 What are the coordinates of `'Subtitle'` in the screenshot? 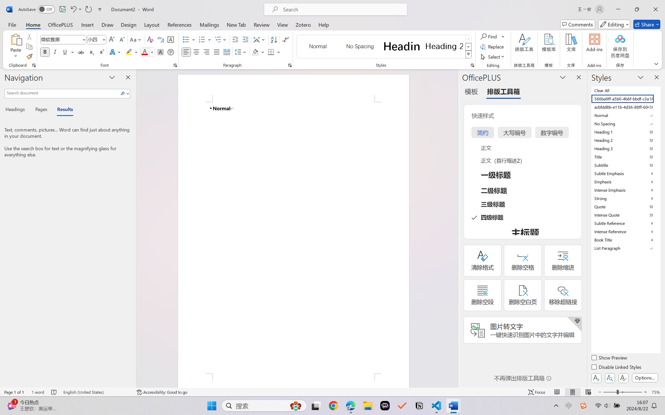 It's located at (625, 165).